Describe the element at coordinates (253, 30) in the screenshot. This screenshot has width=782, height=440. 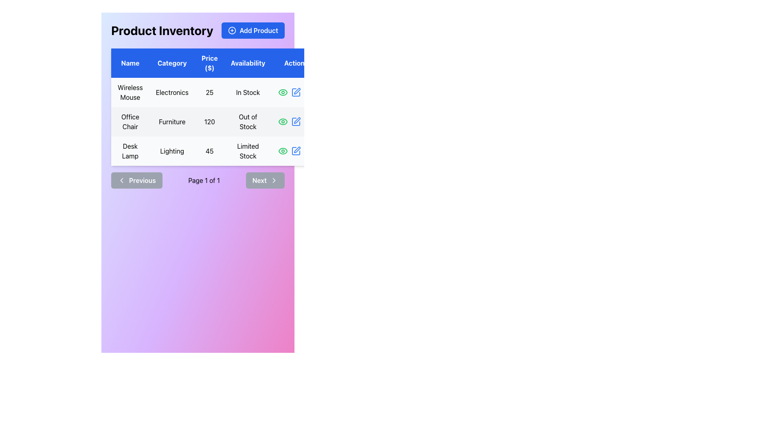
I see `the button that adds a new product to the inventory list` at that location.